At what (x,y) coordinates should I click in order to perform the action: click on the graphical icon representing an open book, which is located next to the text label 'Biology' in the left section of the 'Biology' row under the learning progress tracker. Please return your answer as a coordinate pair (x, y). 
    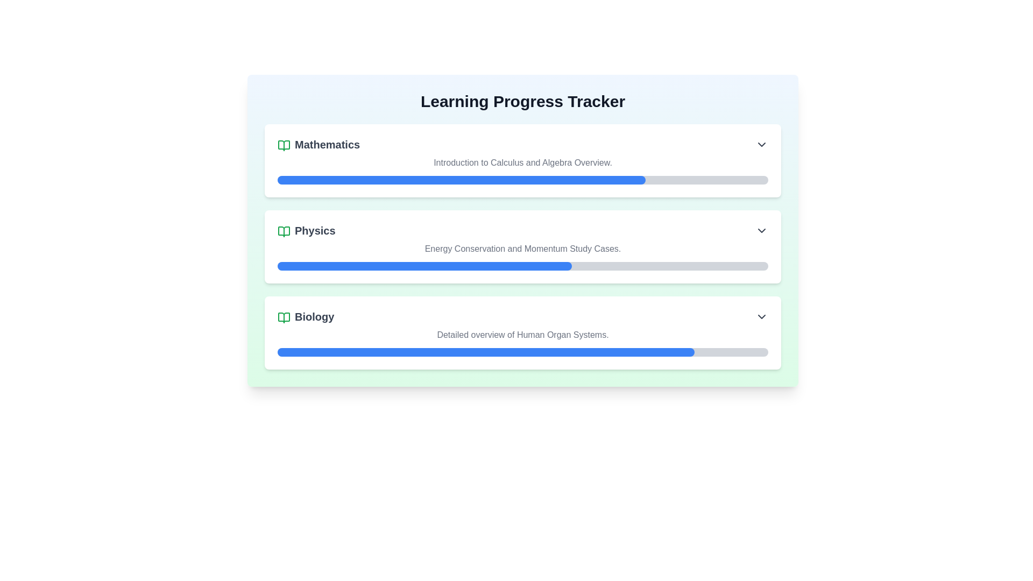
    Looking at the image, I should click on (284, 317).